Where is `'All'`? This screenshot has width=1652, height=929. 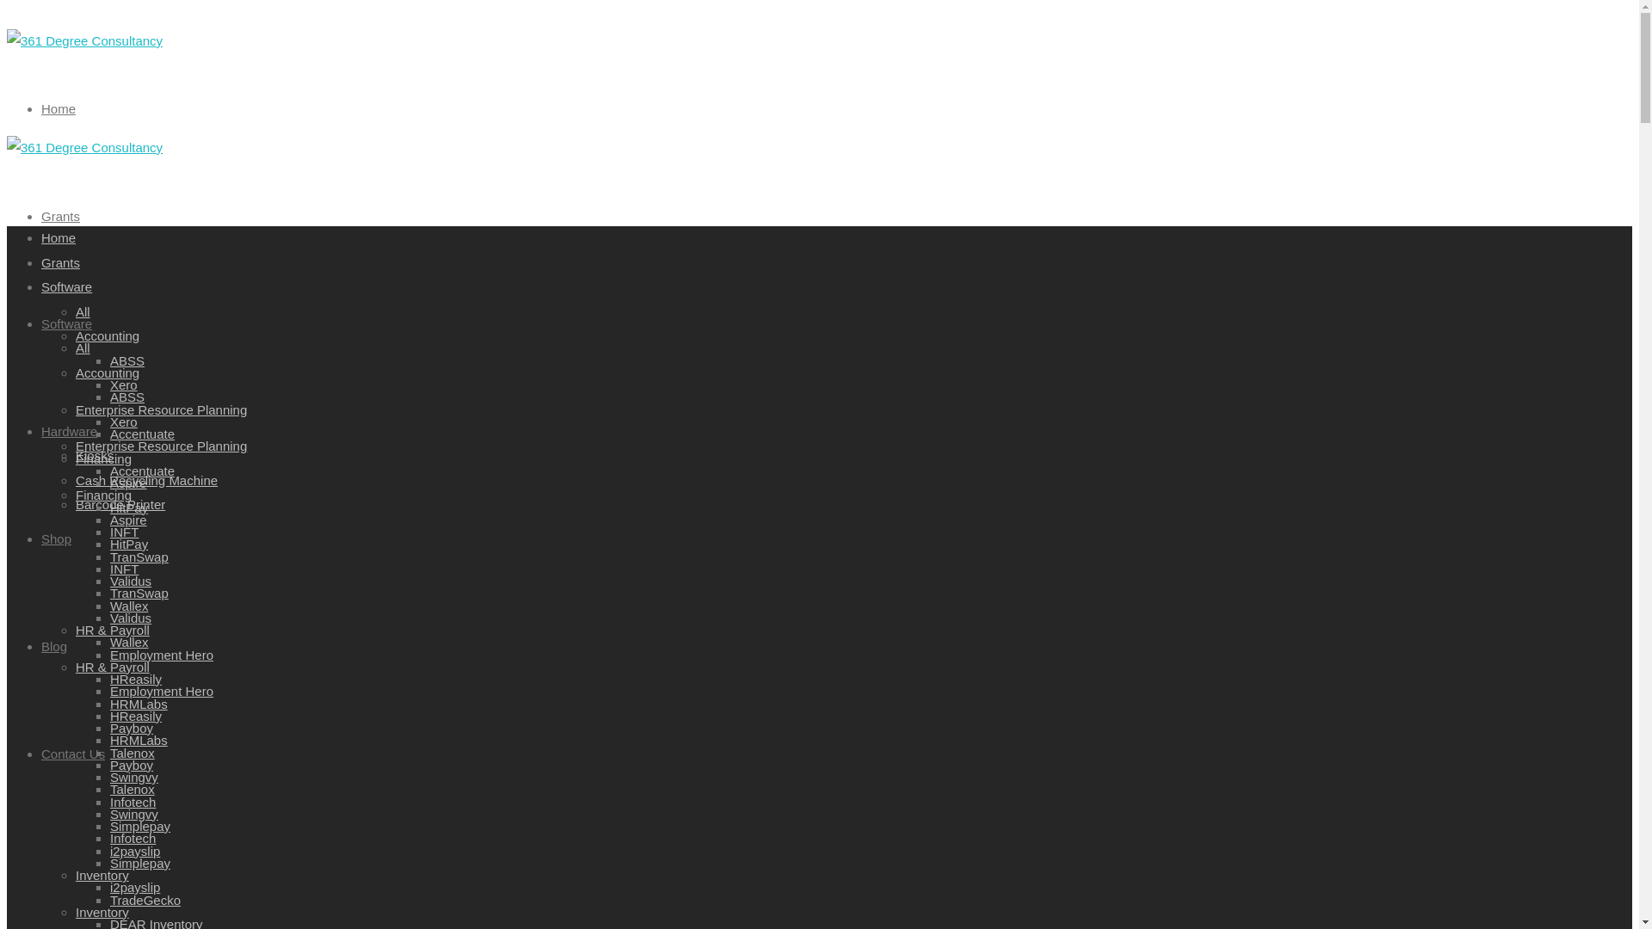 'All' is located at coordinates (82, 348).